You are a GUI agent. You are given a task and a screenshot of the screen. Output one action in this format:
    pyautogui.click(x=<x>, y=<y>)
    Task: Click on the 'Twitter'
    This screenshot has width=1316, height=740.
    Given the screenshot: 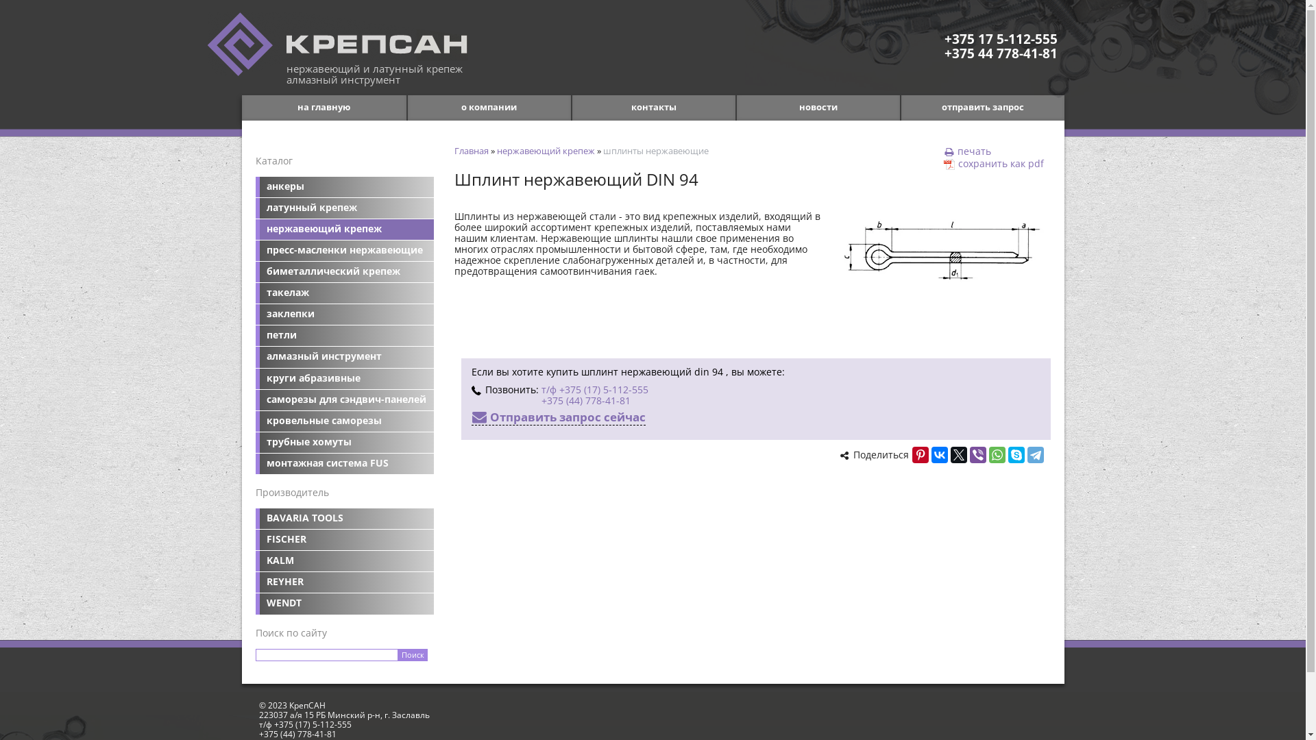 What is the action you would take?
    pyautogui.click(x=957, y=454)
    